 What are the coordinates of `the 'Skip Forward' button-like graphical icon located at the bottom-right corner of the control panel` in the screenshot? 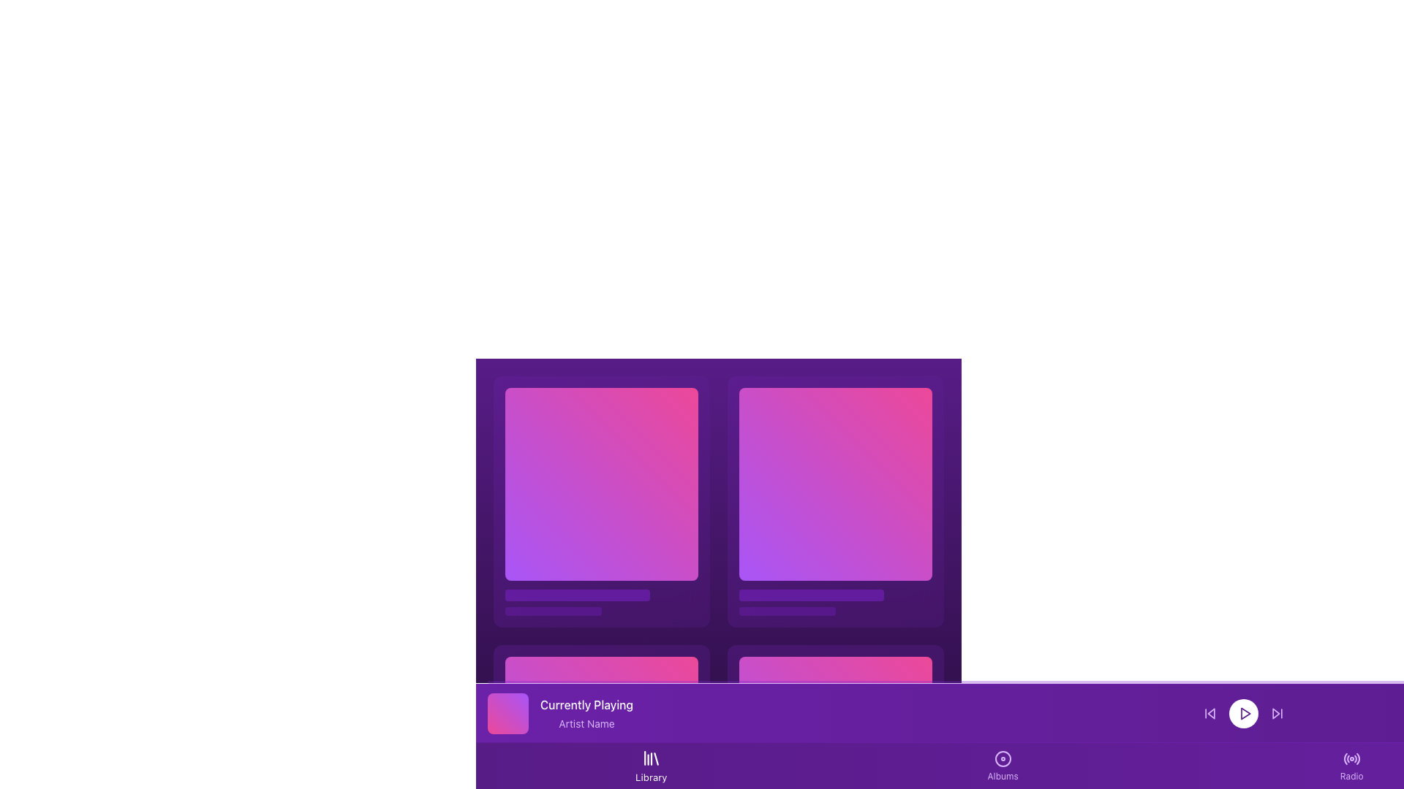 It's located at (1275, 712).